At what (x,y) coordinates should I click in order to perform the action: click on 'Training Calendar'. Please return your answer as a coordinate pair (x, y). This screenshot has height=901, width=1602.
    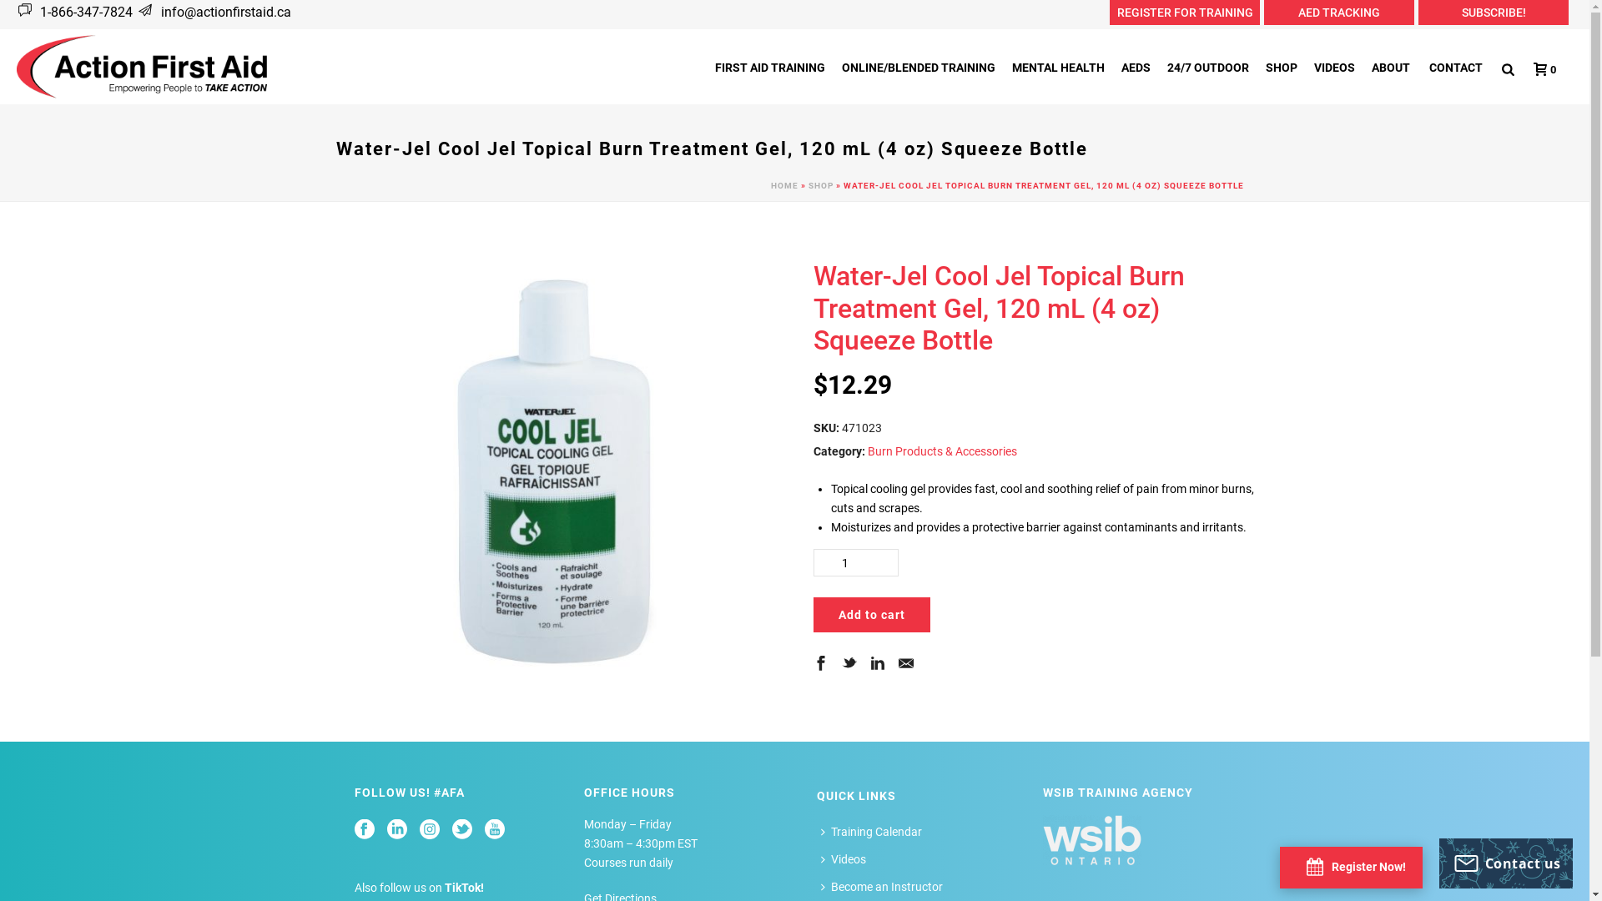
    Looking at the image, I should click on (874, 832).